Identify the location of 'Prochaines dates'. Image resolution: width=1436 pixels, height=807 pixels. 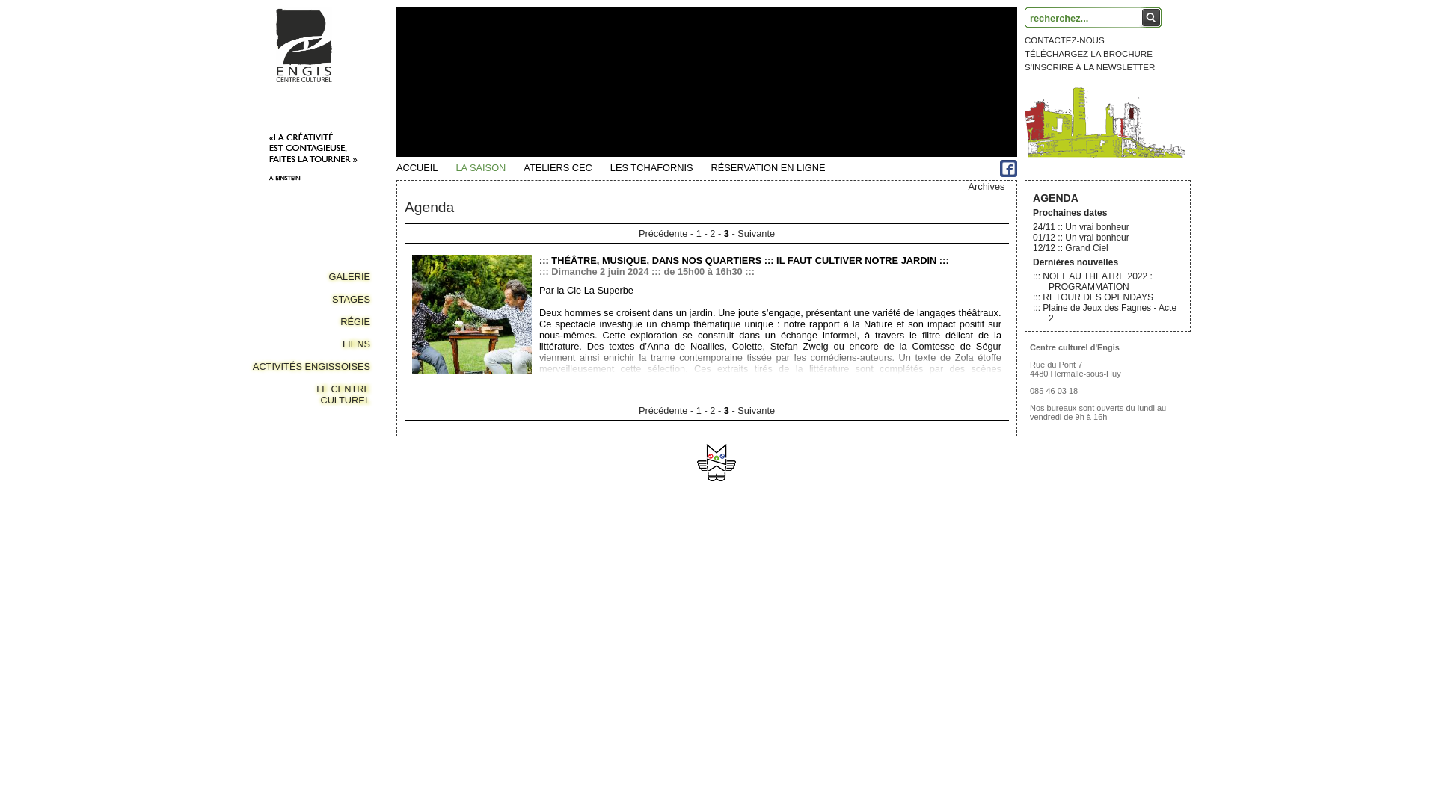
(1069, 213).